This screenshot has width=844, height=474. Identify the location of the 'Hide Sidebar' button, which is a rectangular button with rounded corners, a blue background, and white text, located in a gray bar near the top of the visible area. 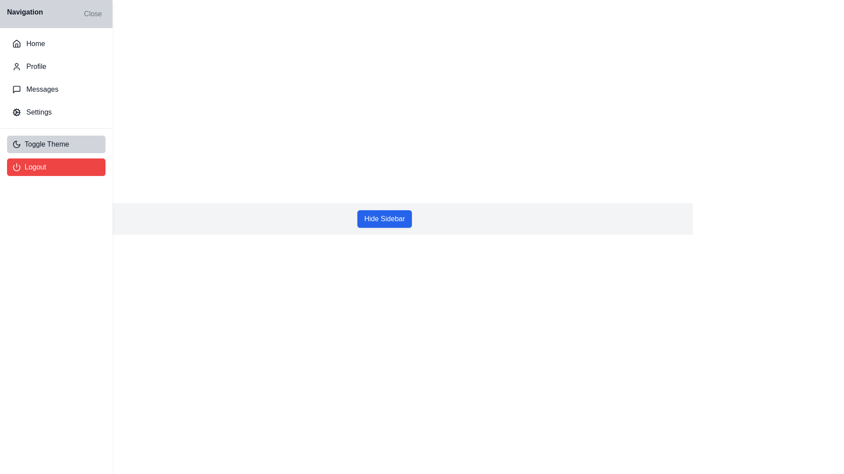
(384, 218).